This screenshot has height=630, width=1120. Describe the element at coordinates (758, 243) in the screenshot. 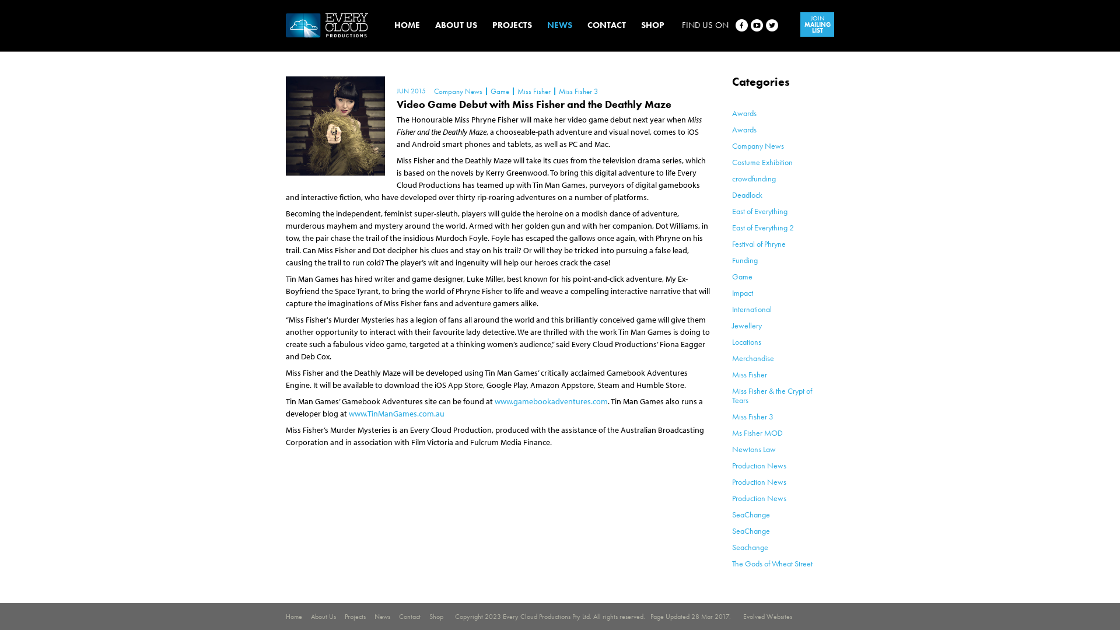

I see `'Festival of Phryne'` at that location.